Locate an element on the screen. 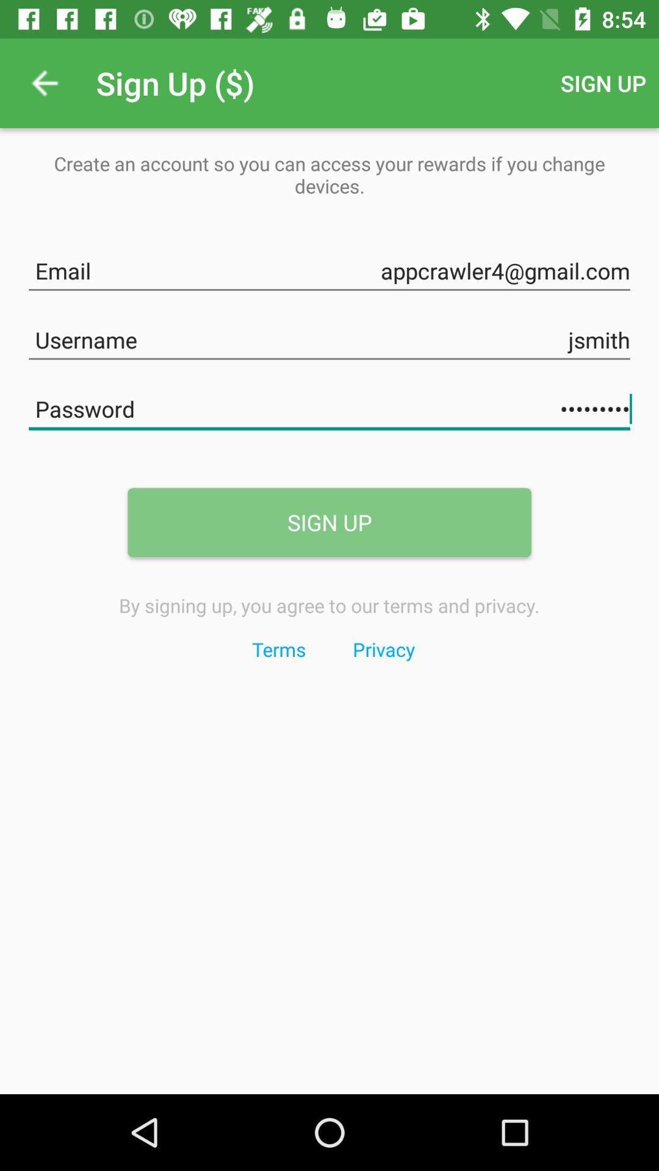 This screenshot has width=659, height=1171. the icon above jsmith item is located at coordinates (329, 268).